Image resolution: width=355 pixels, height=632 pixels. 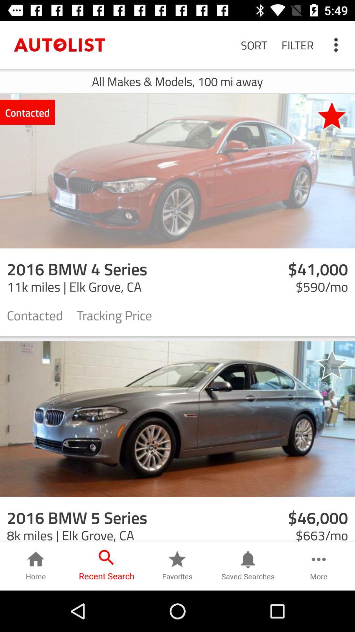 What do you see at coordinates (297, 44) in the screenshot?
I see `the filter item` at bounding box center [297, 44].